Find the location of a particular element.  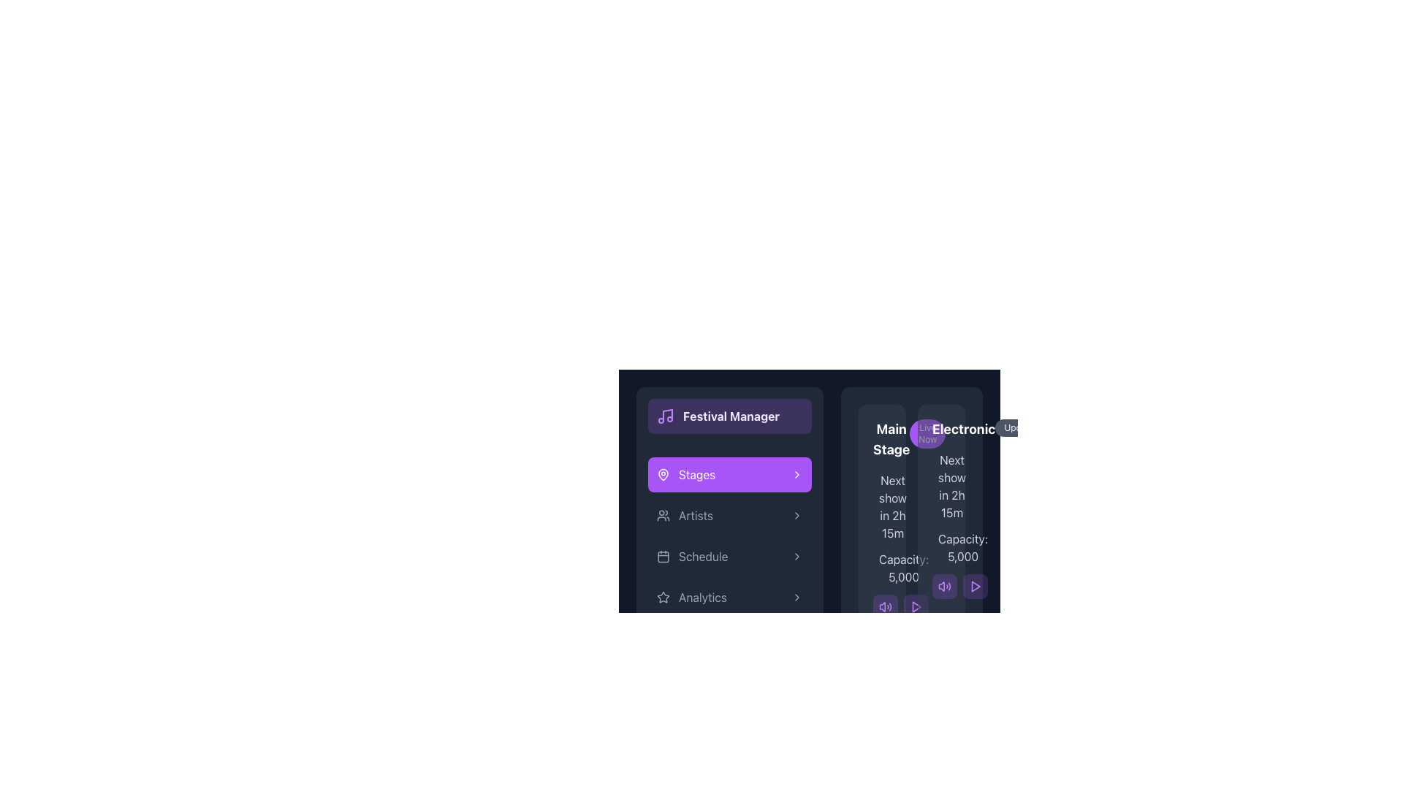

the icon representing a group of people located in the left navigation panel, positioned to the left of the 'Artists' text label is located at coordinates (662, 514).